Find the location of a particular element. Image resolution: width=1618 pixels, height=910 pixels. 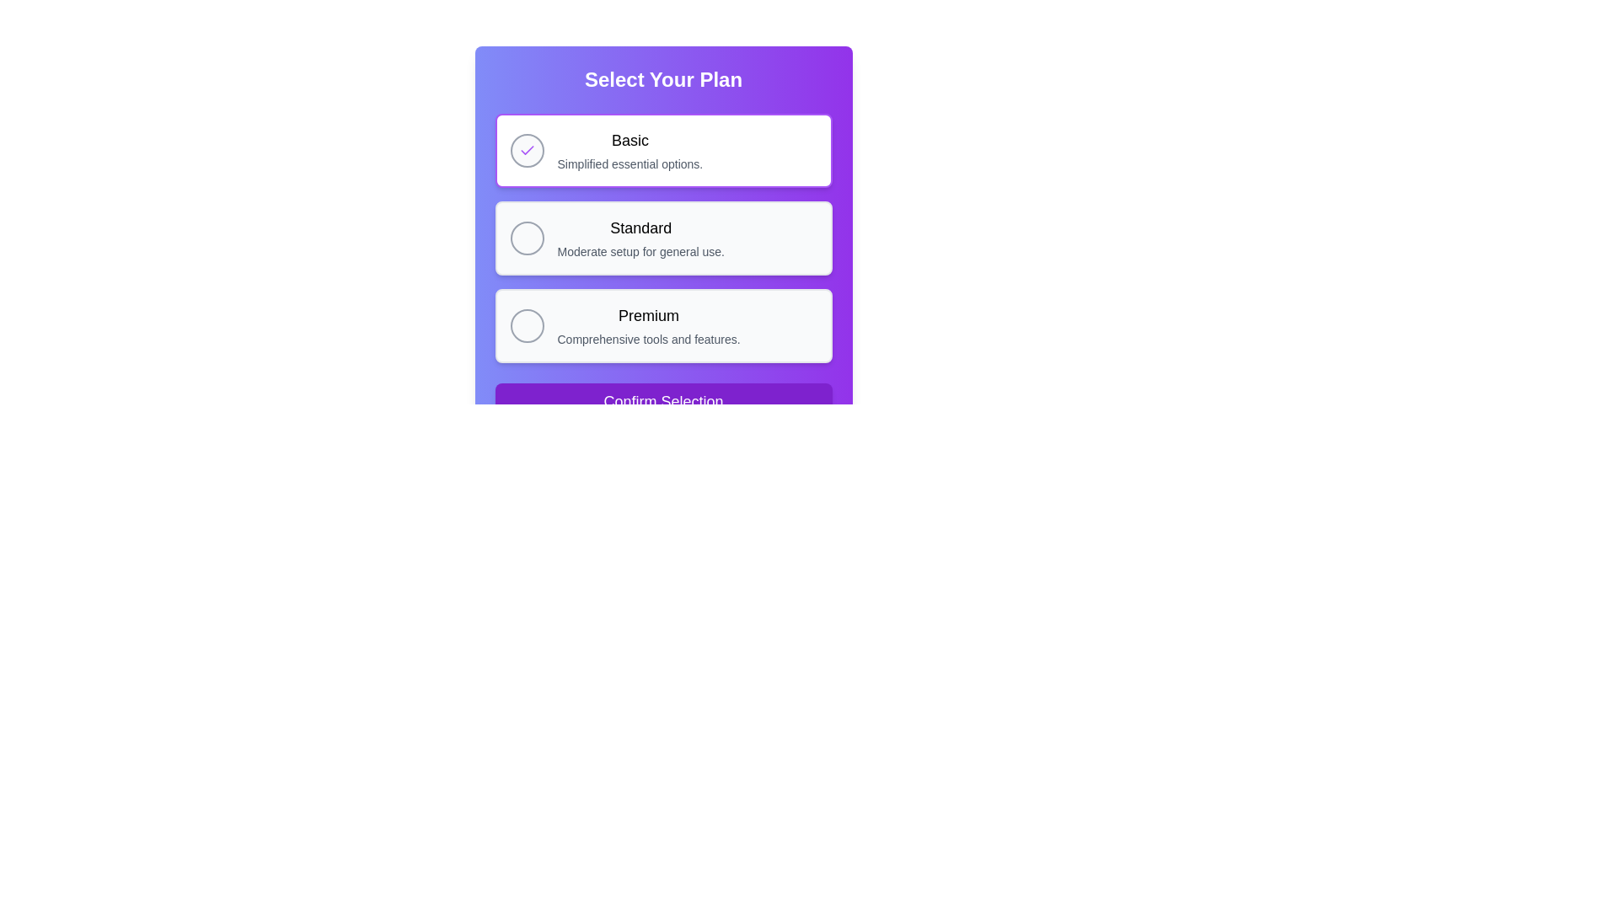

the textual description of the 'Premium' plan is located at coordinates (648, 339).